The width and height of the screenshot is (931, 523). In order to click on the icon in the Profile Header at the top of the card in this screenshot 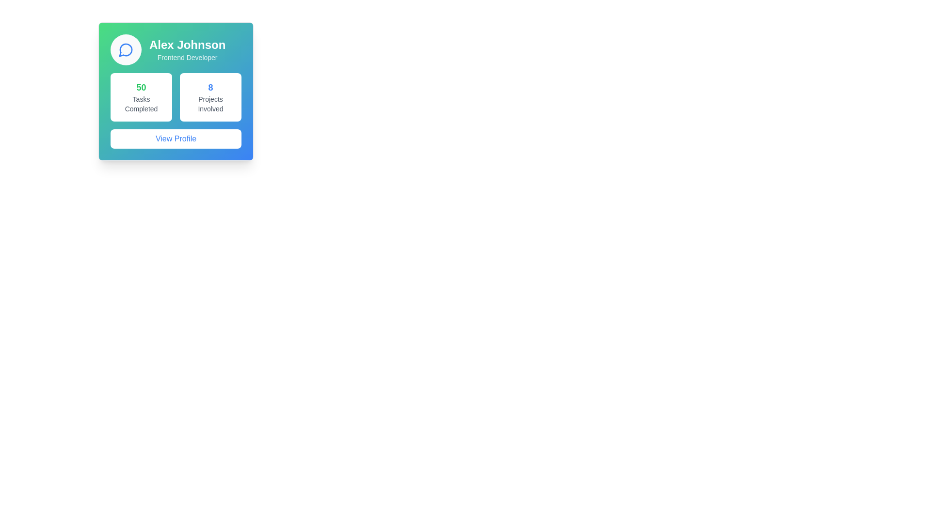, I will do `click(176, 50)`.